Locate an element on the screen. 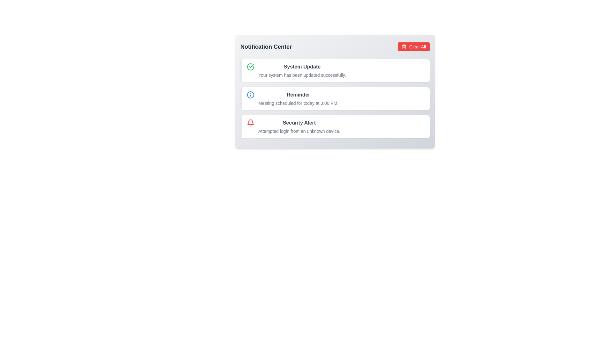  the second notification card in the Notification Center that reminds the user about a meeting scheduled for today at 3:00 PM is located at coordinates (335, 98).